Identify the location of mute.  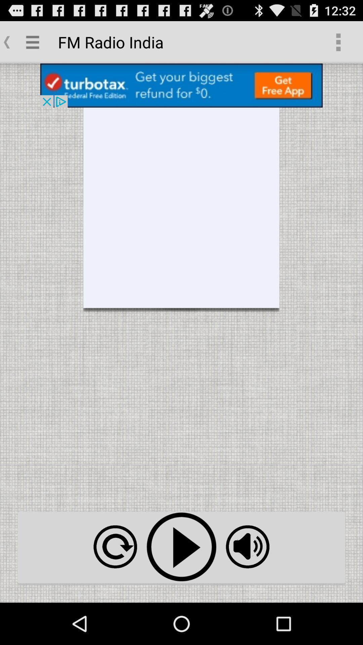
(247, 547).